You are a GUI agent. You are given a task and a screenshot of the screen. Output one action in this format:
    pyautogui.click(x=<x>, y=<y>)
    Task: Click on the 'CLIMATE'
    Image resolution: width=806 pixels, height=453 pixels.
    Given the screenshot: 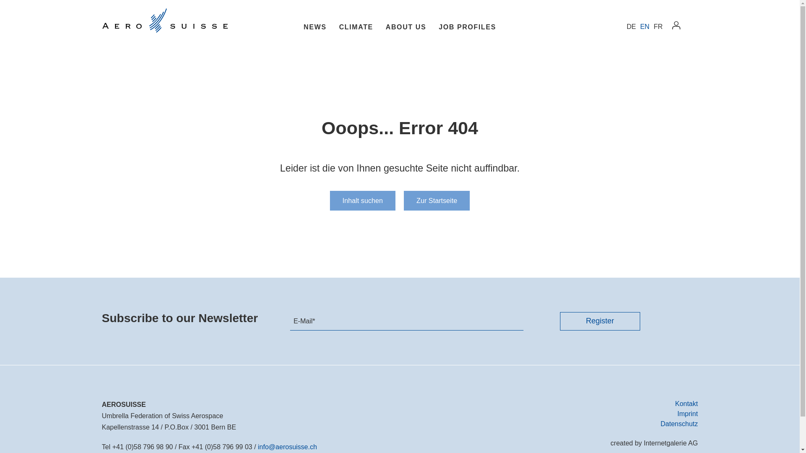 What is the action you would take?
    pyautogui.click(x=356, y=24)
    